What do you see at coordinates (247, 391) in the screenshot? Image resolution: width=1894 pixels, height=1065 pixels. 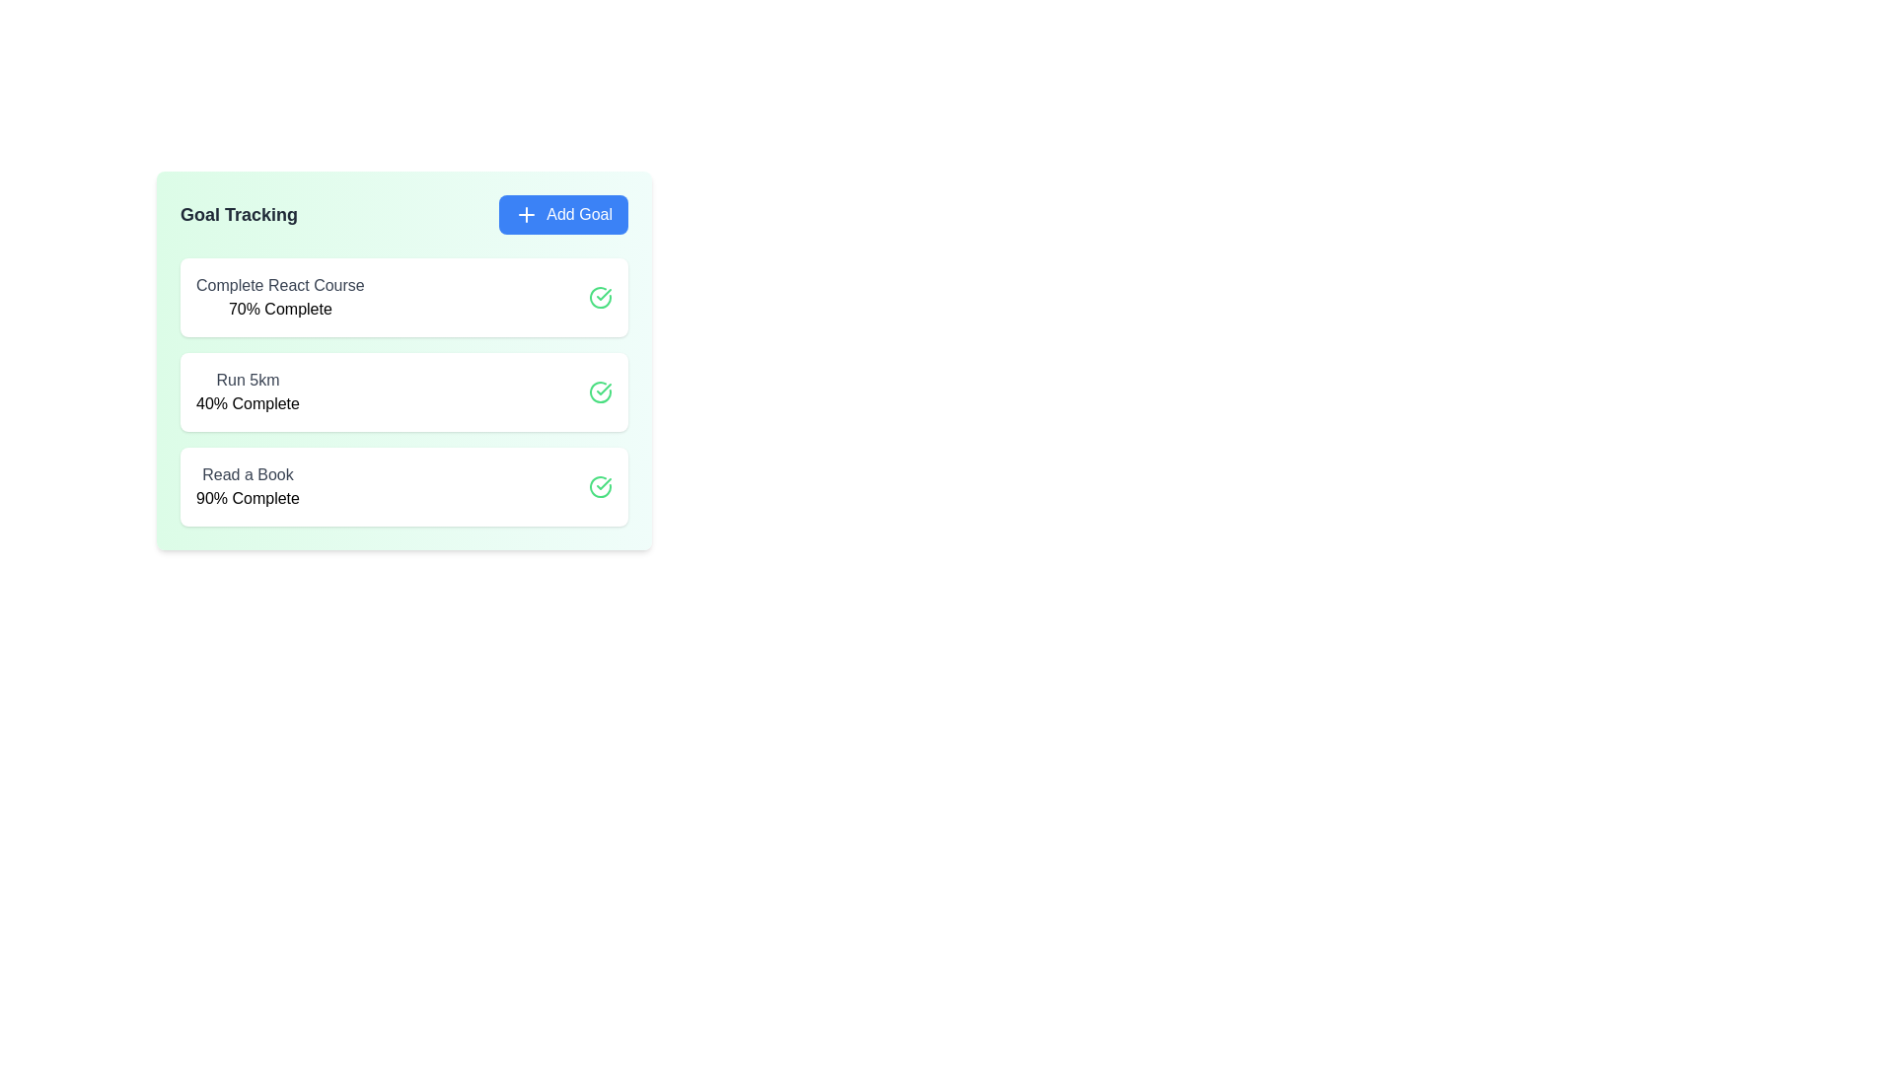 I see `the text display that shows the task title 'Run 5km' and its completion percentage '40% Complete'` at bounding box center [247, 391].